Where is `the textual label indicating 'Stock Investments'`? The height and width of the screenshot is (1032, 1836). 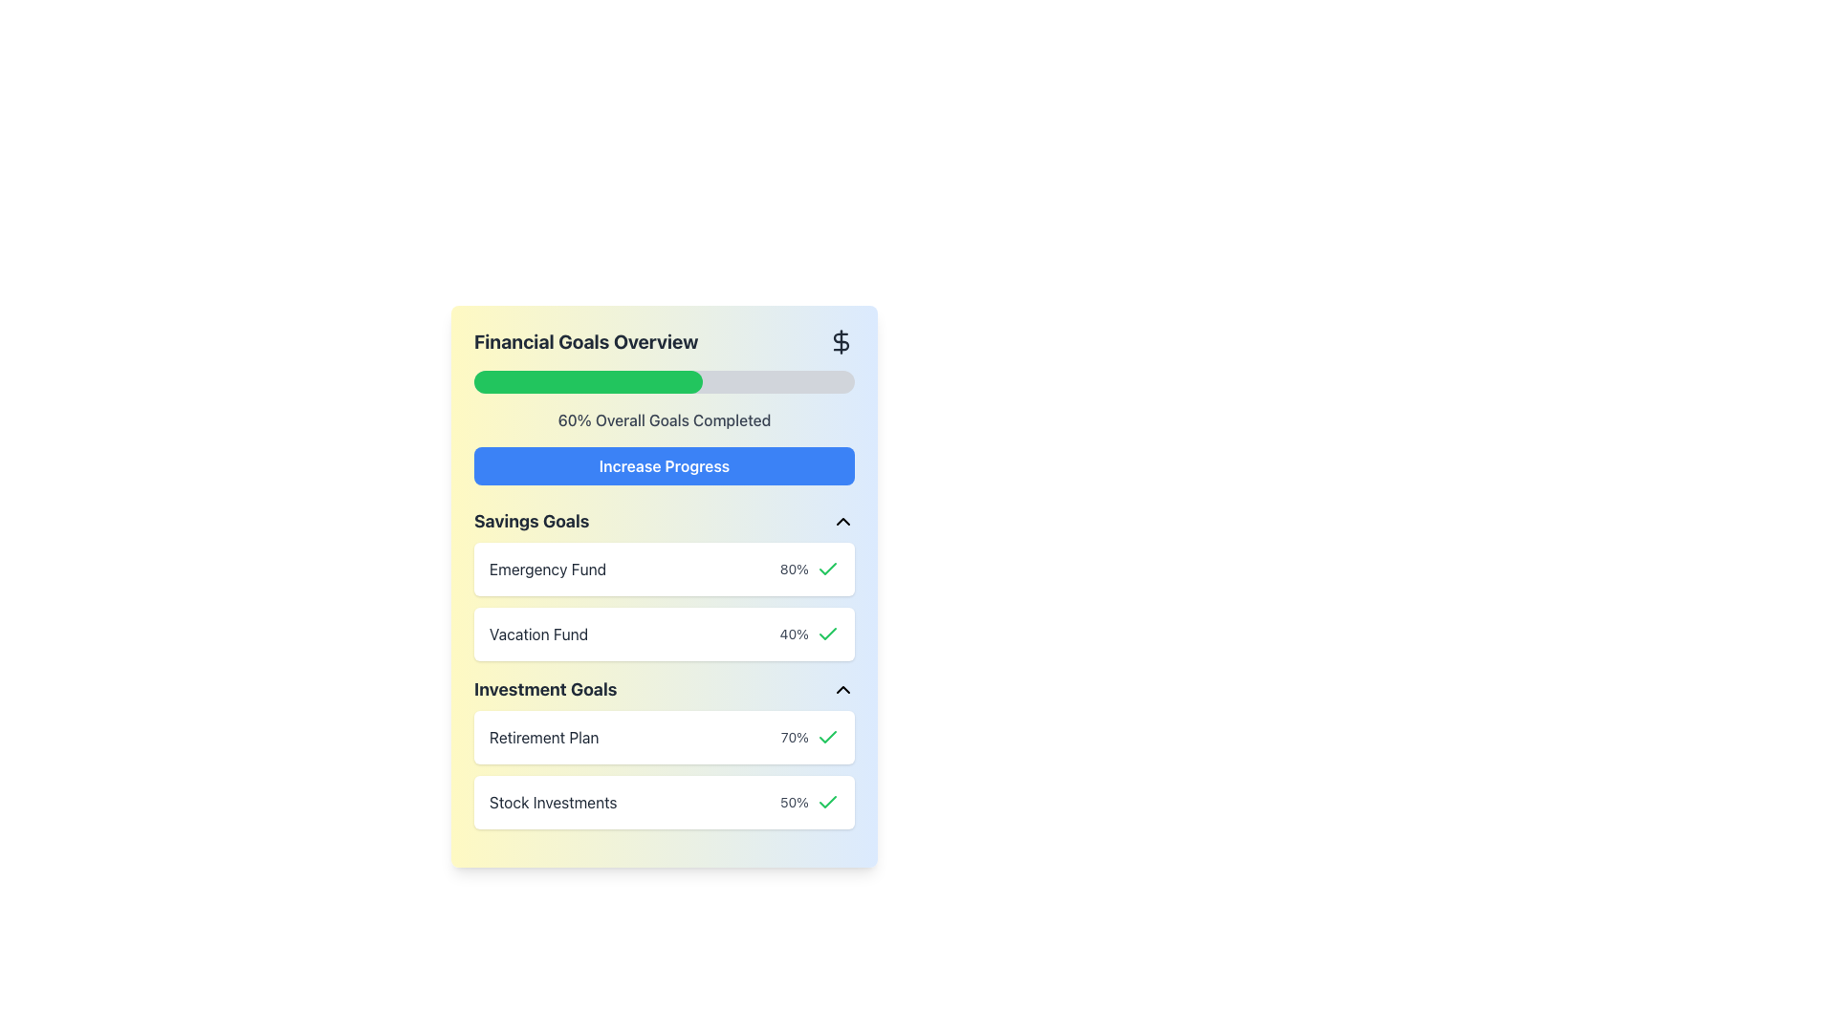 the textual label indicating 'Stock Investments' is located at coordinates (552, 803).